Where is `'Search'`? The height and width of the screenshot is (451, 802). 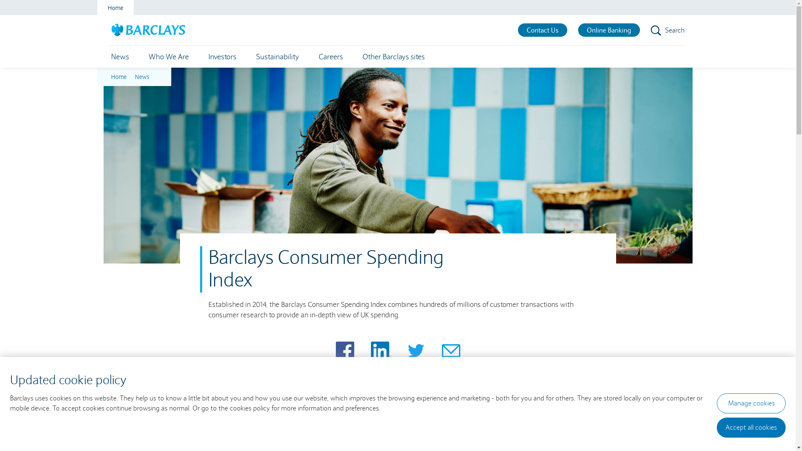
'Search' is located at coordinates (650, 30).